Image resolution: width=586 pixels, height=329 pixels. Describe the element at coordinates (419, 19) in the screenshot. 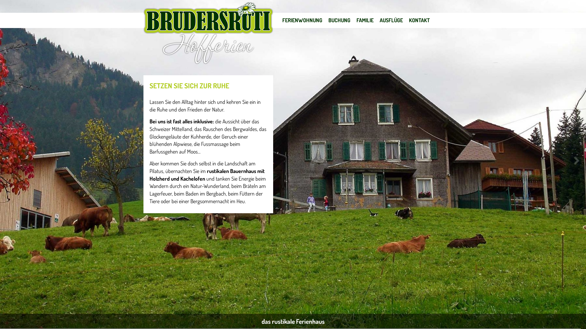

I see `'KONTAKT'` at that location.